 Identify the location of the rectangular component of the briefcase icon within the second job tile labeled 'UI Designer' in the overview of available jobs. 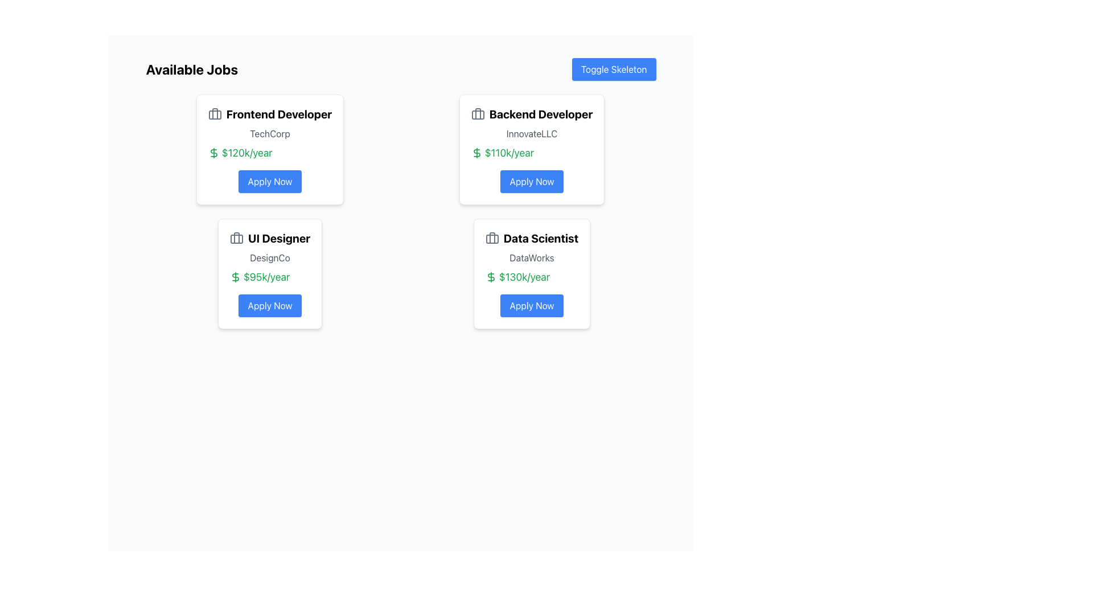
(236, 239).